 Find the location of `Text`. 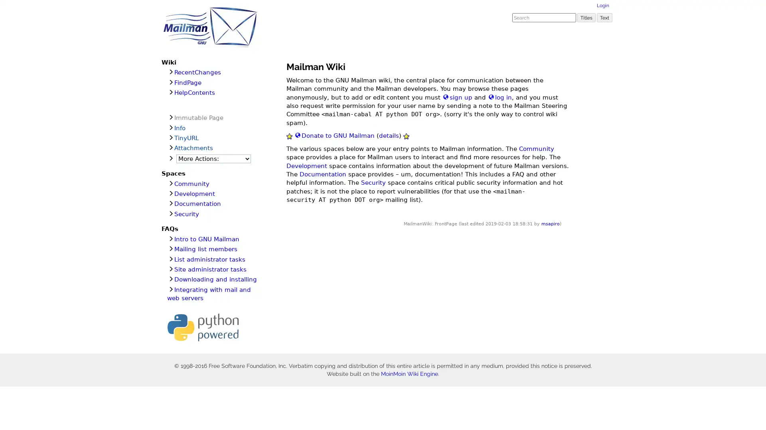

Text is located at coordinates (604, 17).